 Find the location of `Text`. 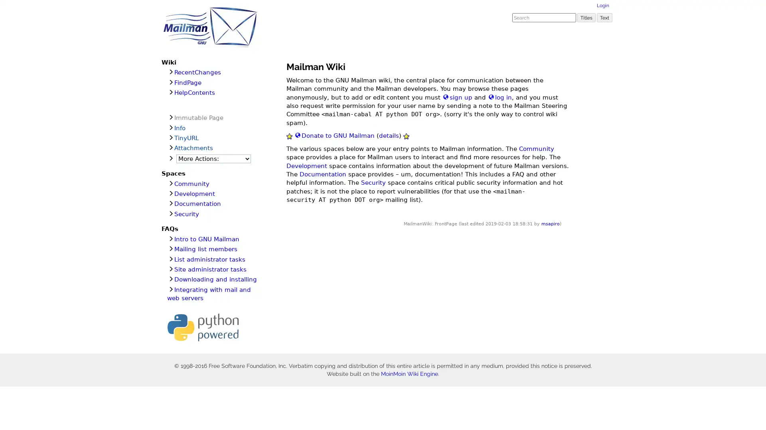

Text is located at coordinates (604, 17).